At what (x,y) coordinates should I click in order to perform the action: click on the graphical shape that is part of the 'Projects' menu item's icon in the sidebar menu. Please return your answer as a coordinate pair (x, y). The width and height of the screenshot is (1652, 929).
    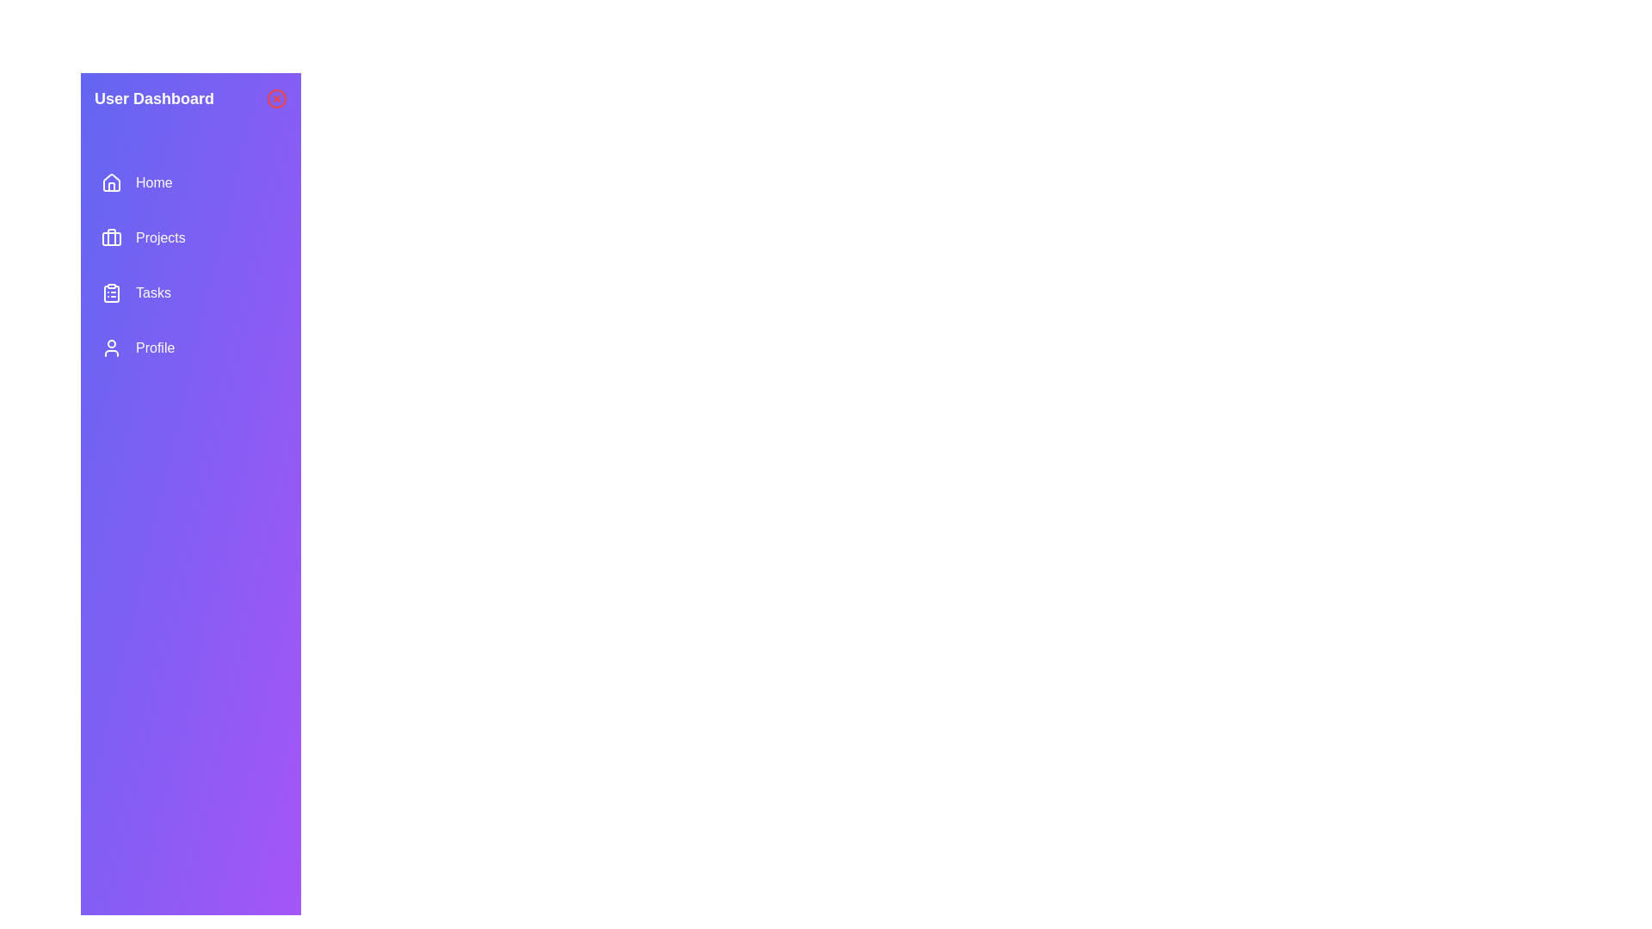
    Looking at the image, I should click on (110, 238).